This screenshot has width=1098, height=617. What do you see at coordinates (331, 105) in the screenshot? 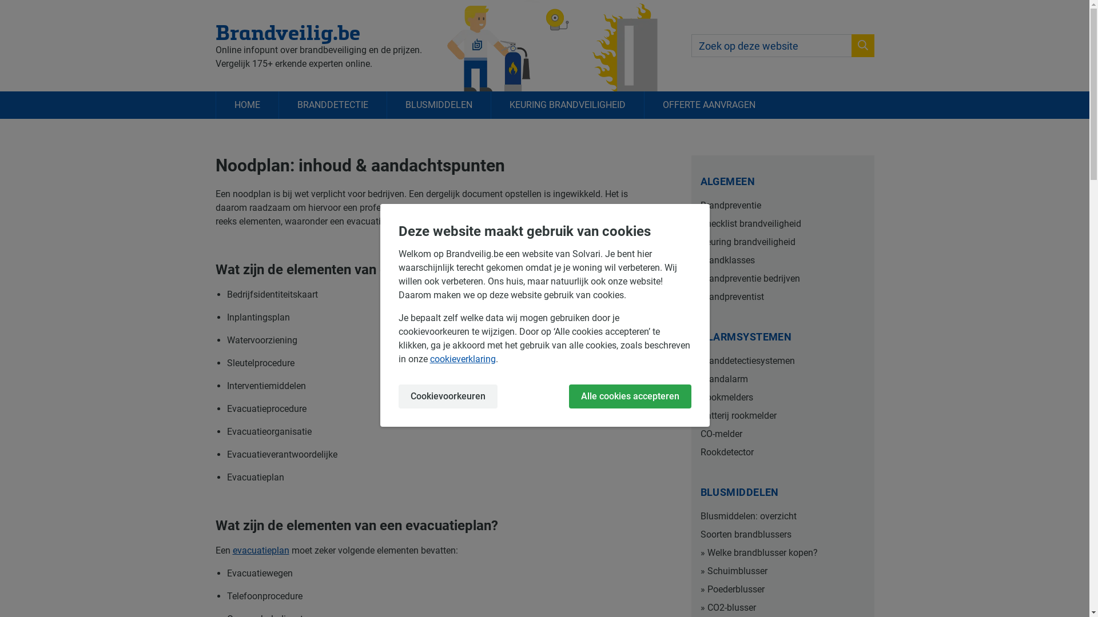
I see `'BRANDDETECTIE'` at bounding box center [331, 105].